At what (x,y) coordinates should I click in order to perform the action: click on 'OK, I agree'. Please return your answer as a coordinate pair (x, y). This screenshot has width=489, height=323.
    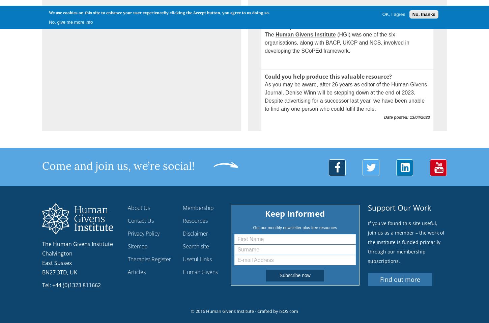
    Looking at the image, I should click on (393, 14).